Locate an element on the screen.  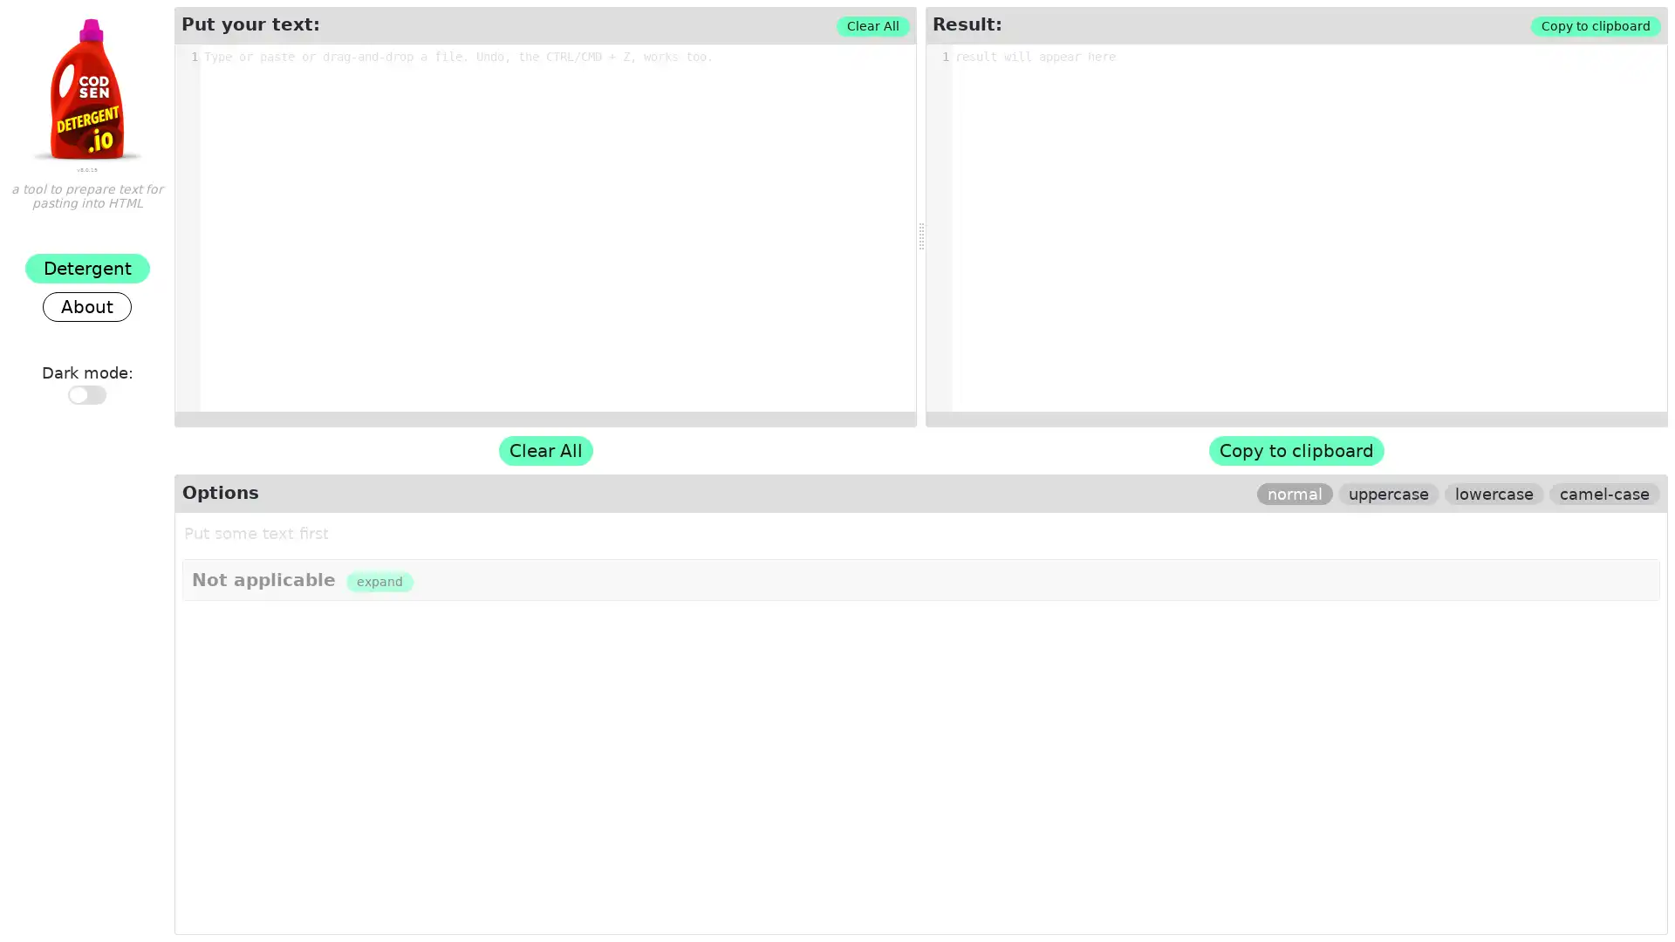
Copy to clipboard is located at coordinates (1596, 26).